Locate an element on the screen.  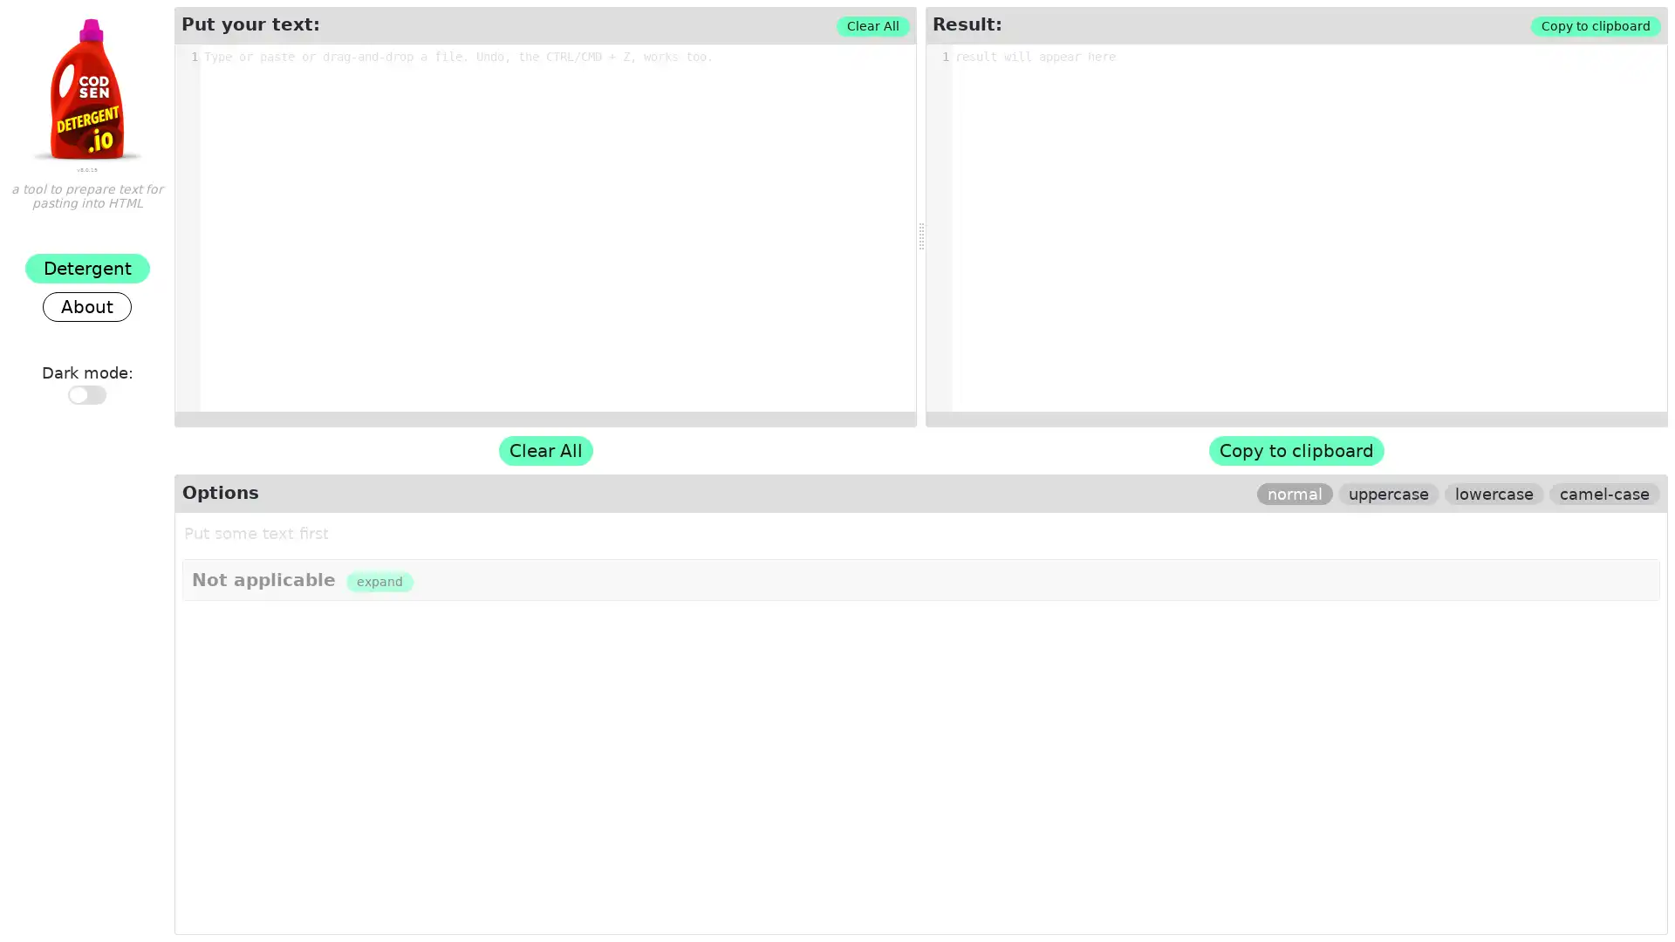
Copy to clipboard is located at coordinates (1596, 26).